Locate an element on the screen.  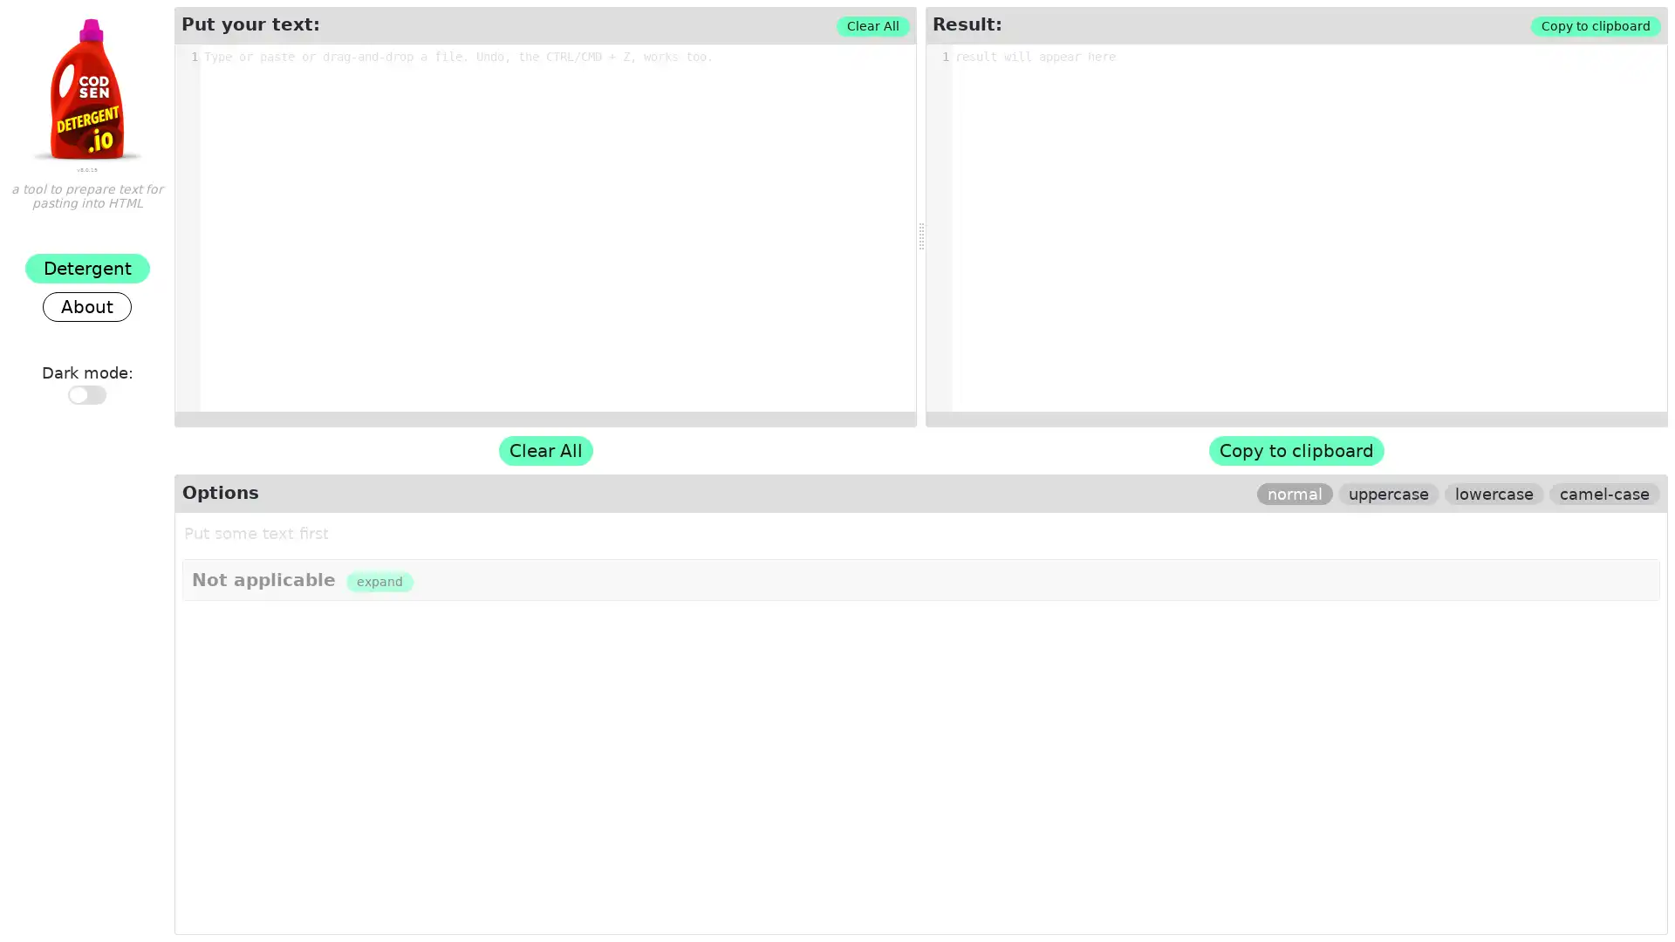
Copy to clipboard is located at coordinates (1596, 26).